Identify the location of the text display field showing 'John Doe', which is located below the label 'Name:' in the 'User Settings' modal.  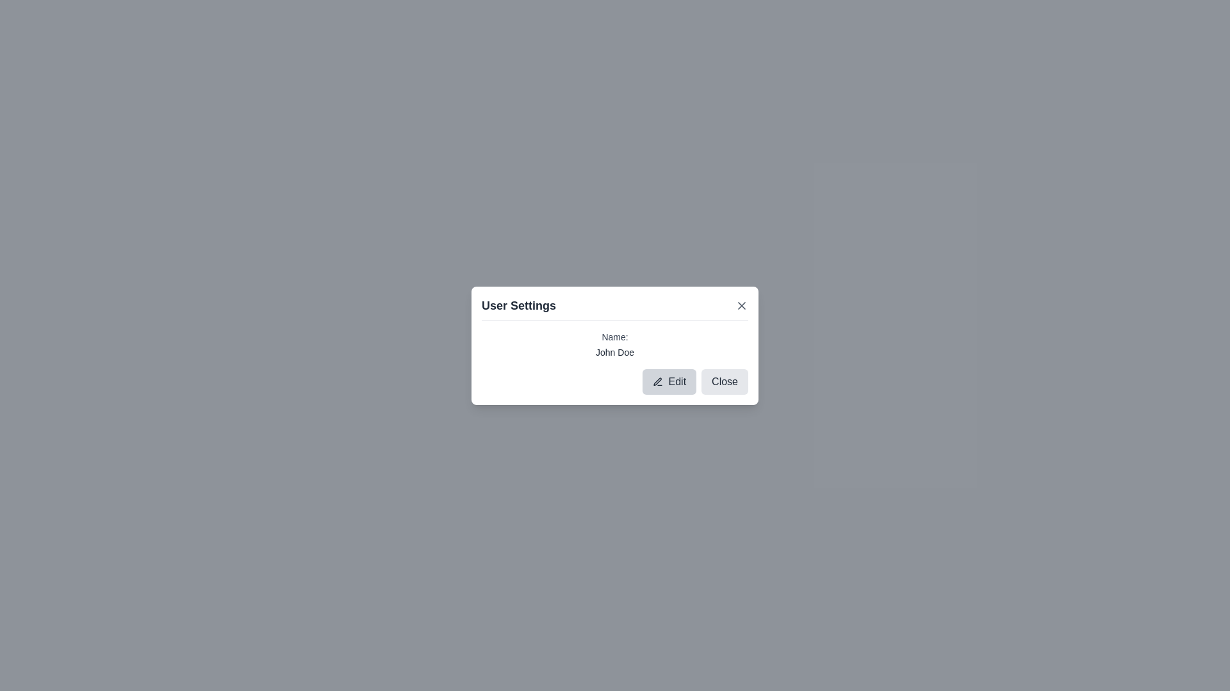
(615, 352).